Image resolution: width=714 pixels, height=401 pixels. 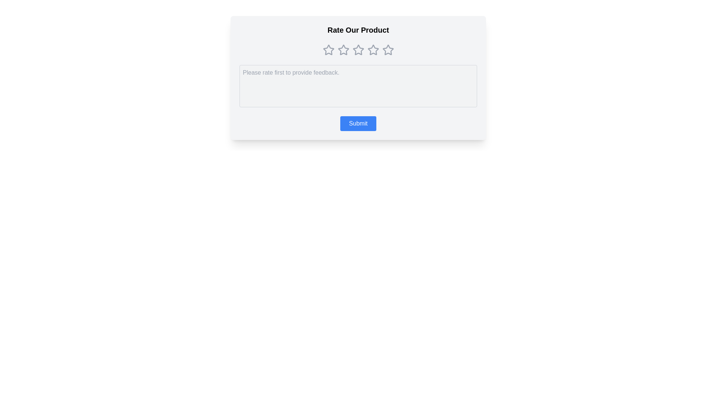 I want to click on the third star in a set of five rating stars, which is characterized by a gray outline and hollow center, for enhanced interaction, so click(x=358, y=50).